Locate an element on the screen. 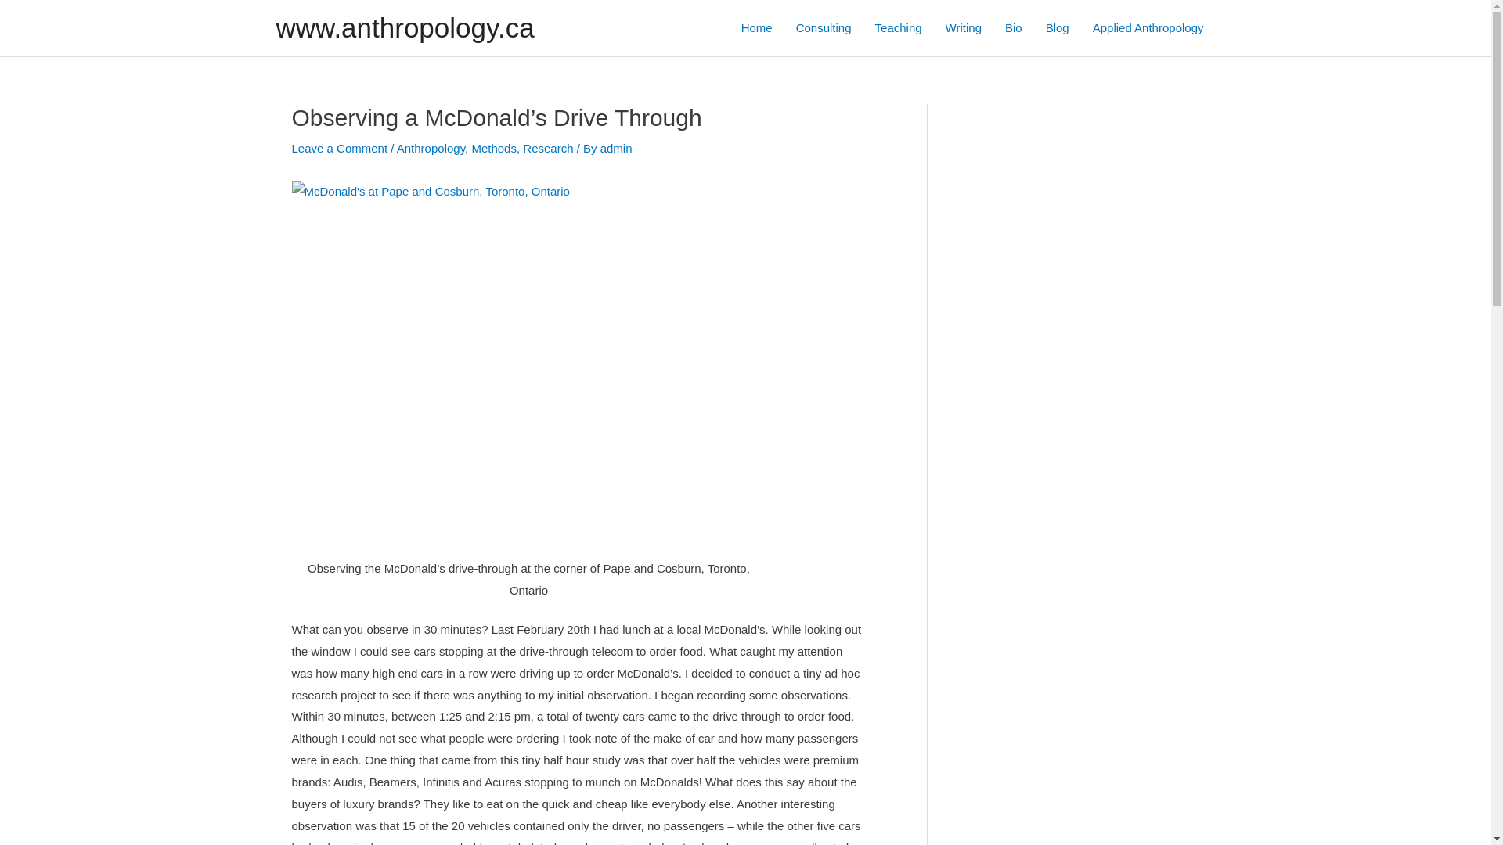  'Research' is located at coordinates (548, 148).